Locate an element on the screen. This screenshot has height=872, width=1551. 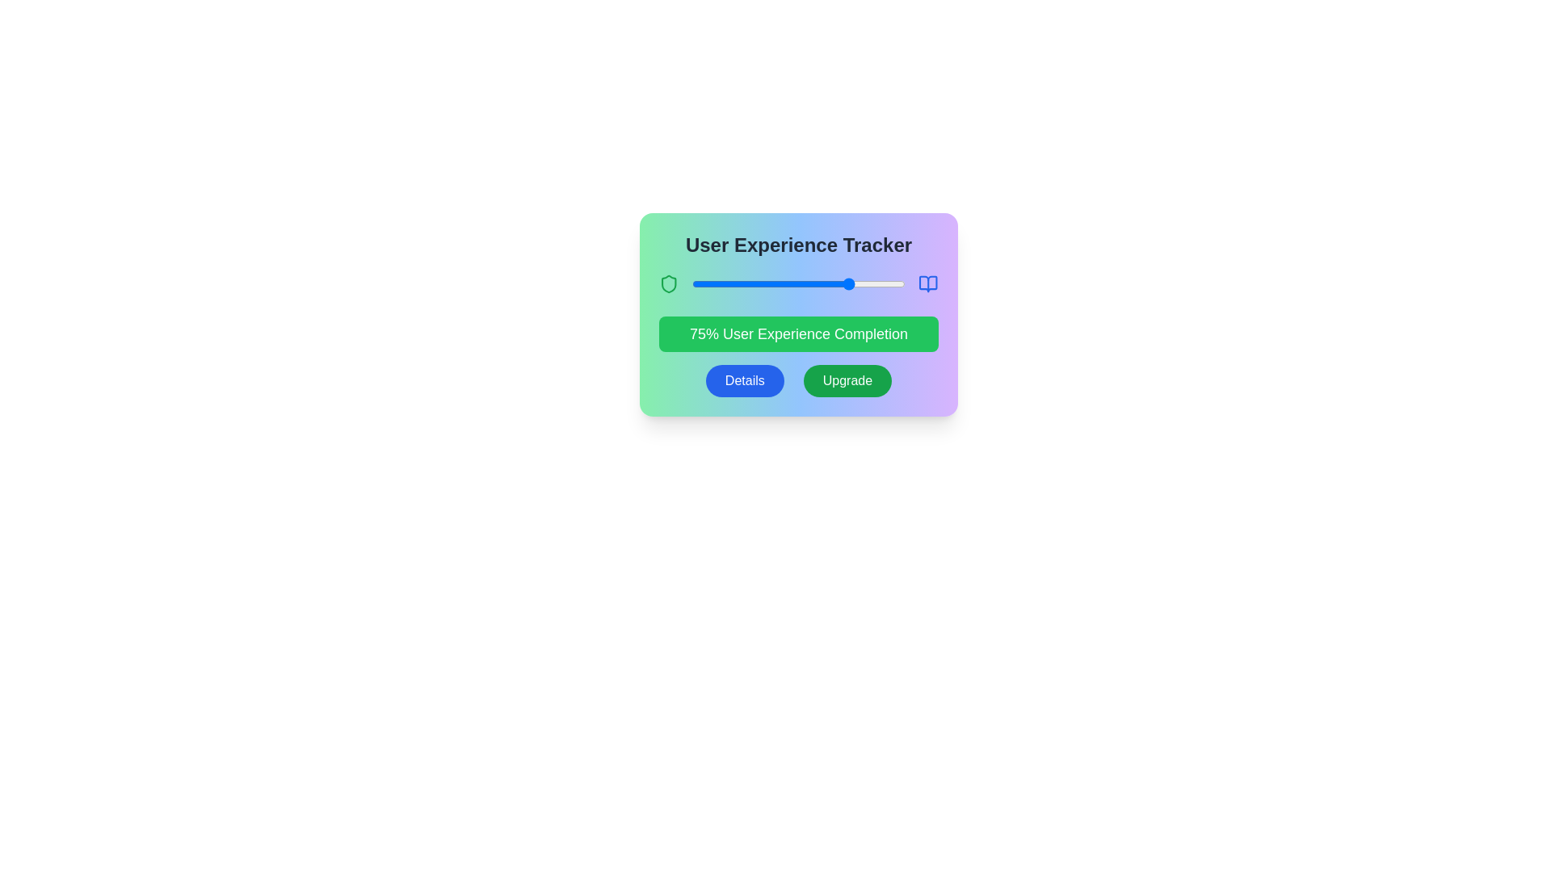
the 'Upgrade' button to initiate the upgrade process is located at coordinates (847, 380).